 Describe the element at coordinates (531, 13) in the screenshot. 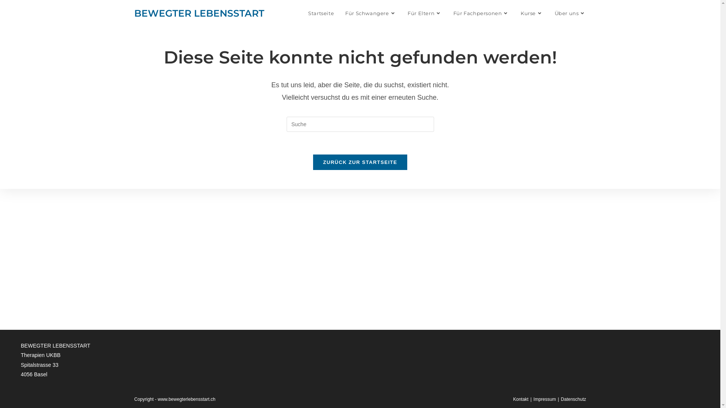

I see `'Kurse'` at that location.